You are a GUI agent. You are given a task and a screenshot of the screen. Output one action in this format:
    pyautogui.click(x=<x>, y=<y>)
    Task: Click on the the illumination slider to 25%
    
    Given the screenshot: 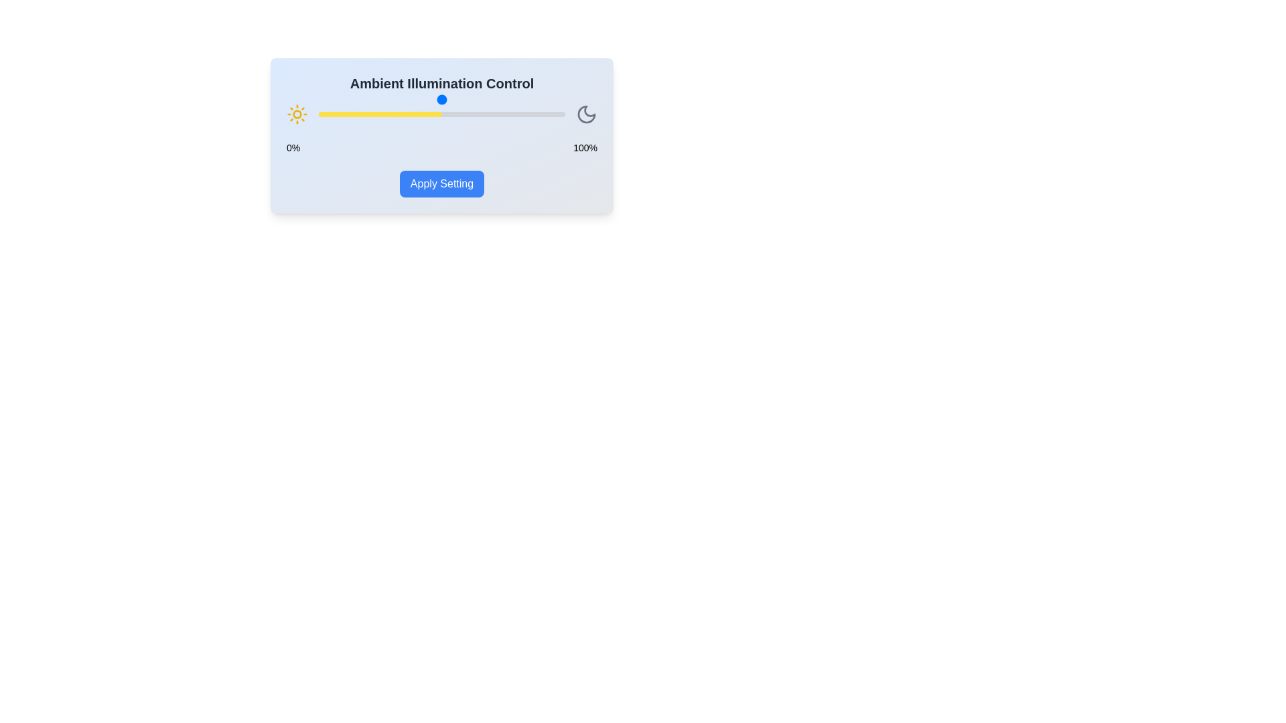 What is the action you would take?
    pyautogui.click(x=379, y=113)
    